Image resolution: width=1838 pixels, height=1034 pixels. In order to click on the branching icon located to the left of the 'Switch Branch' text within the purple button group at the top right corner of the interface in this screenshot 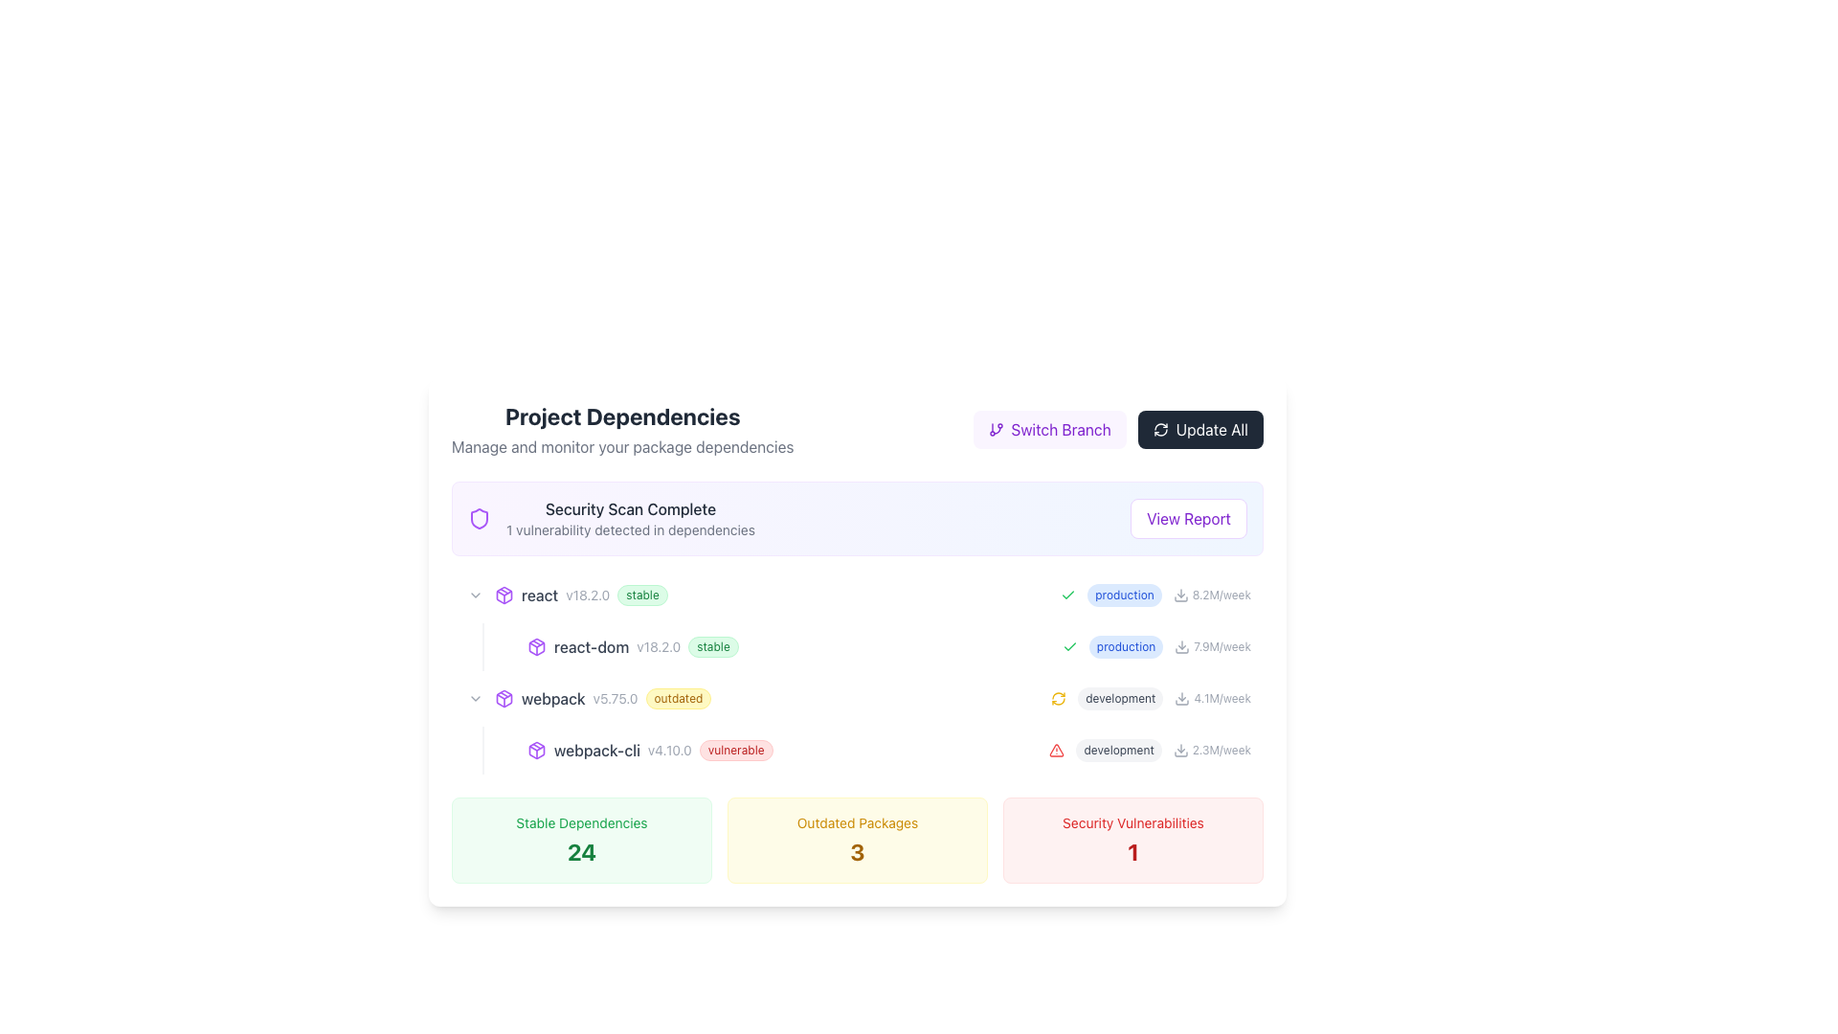, I will do `click(996, 428)`.